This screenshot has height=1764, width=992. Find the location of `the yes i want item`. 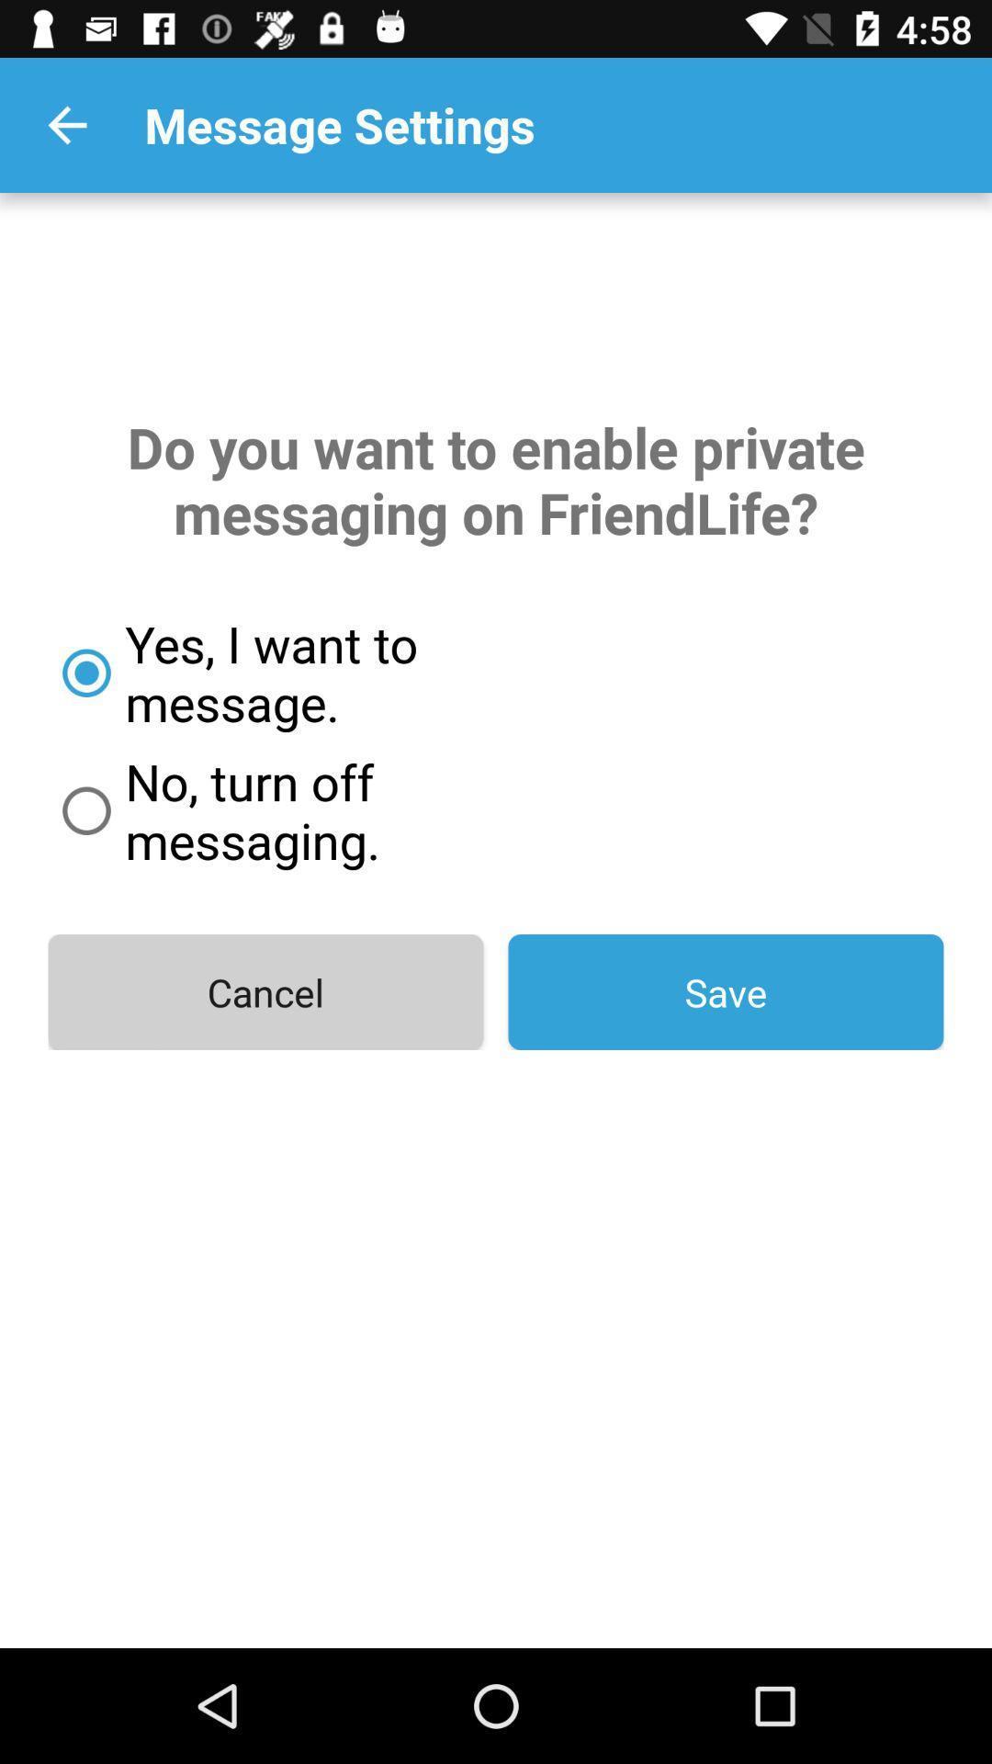

the yes i want item is located at coordinates (337, 672).